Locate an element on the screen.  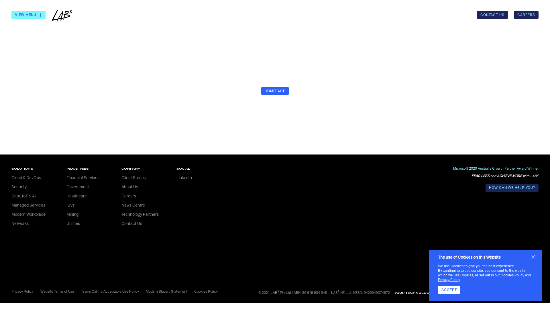
'Mining' is located at coordinates (72, 214).